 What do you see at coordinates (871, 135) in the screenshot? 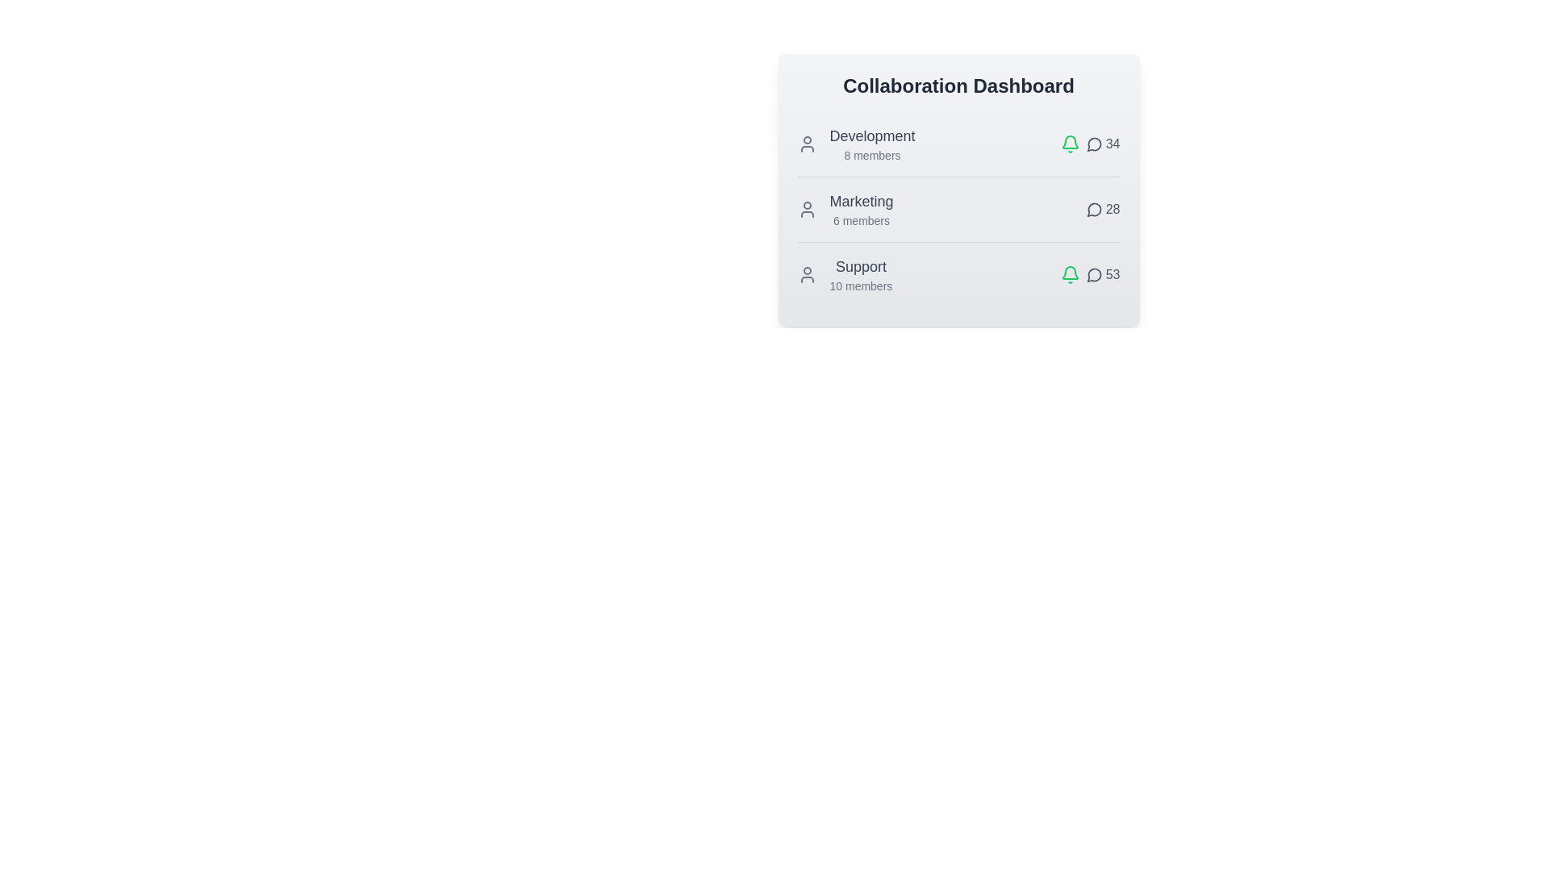
I see `the team name Development` at bounding box center [871, 135].